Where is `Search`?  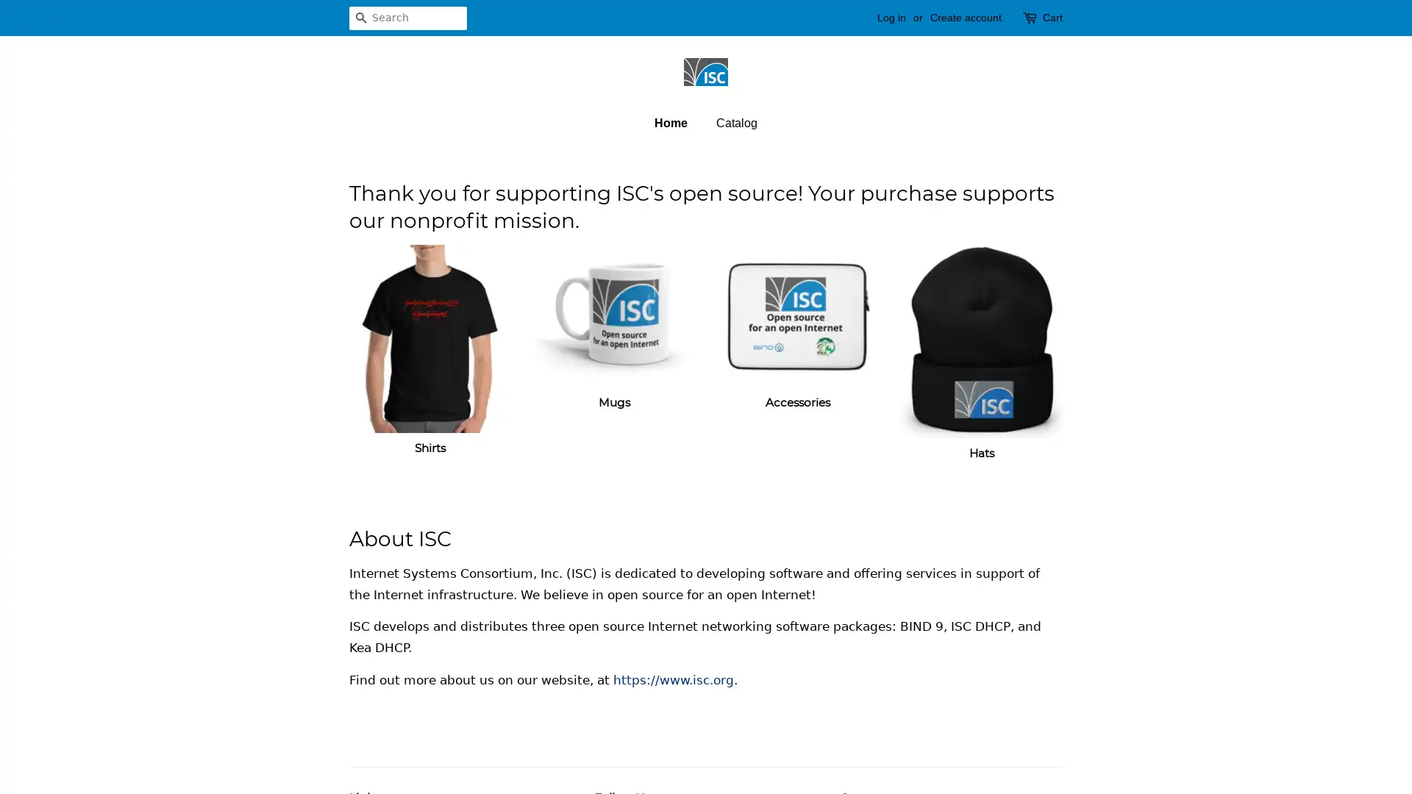
Search is located at coordinates (360, 18).